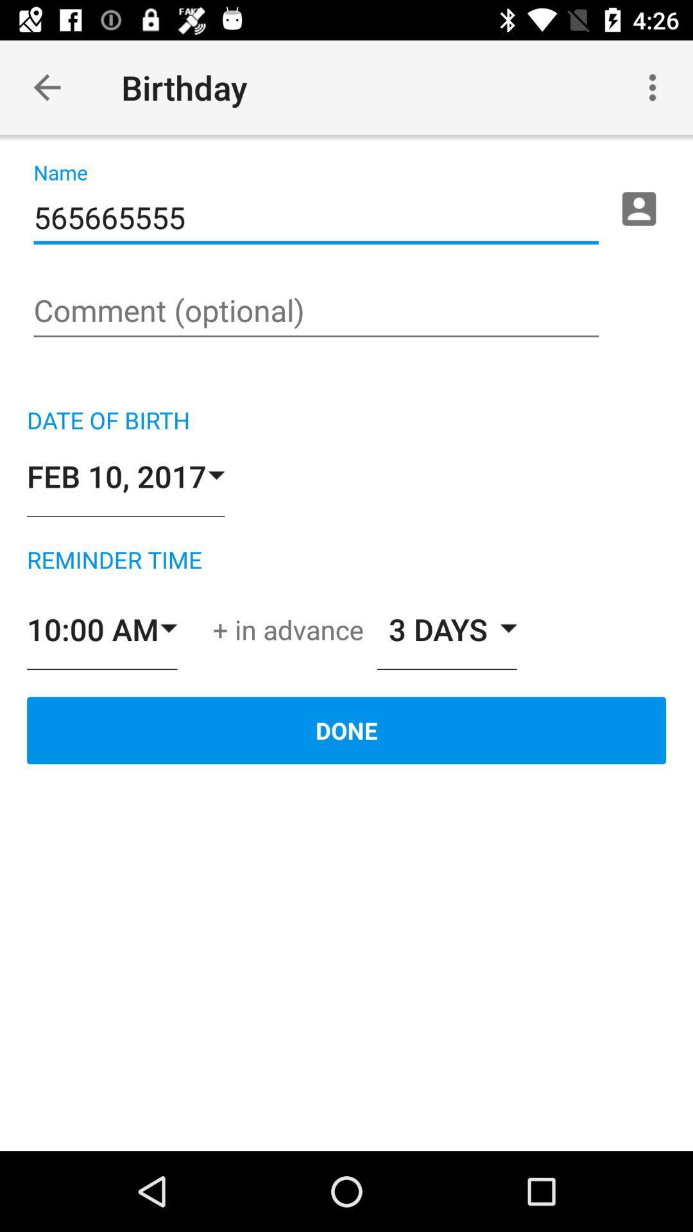 This screenshot has height=1232, width=693. I want to click on picture, so click(638, 209).